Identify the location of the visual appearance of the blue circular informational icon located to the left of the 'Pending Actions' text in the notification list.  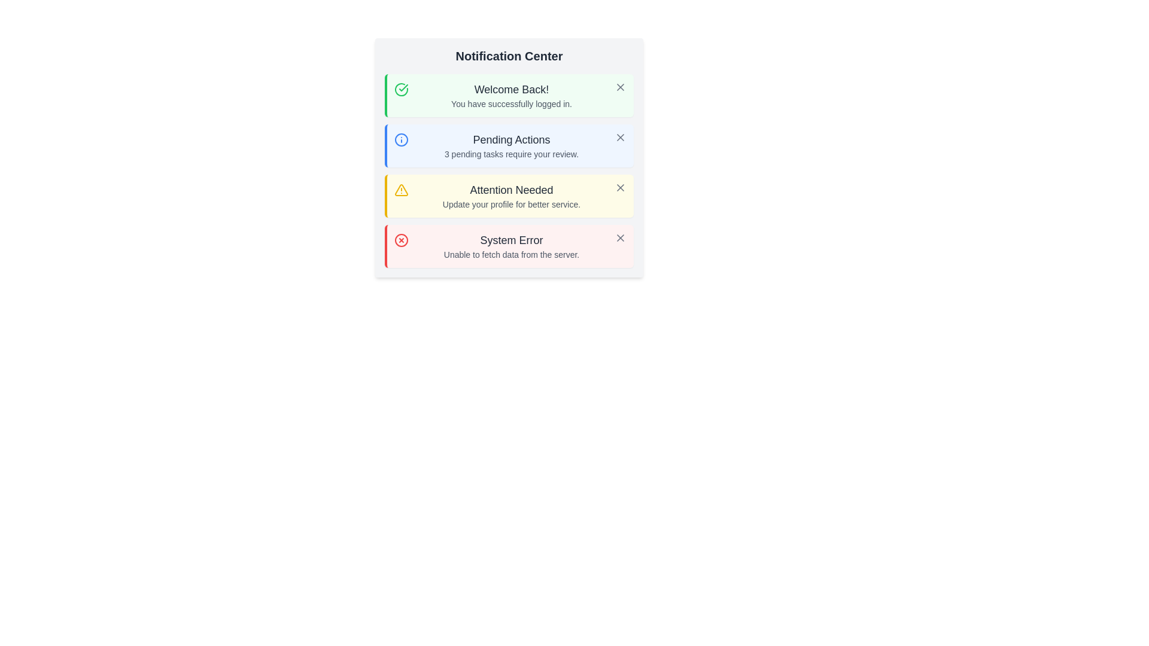
(402, 139).